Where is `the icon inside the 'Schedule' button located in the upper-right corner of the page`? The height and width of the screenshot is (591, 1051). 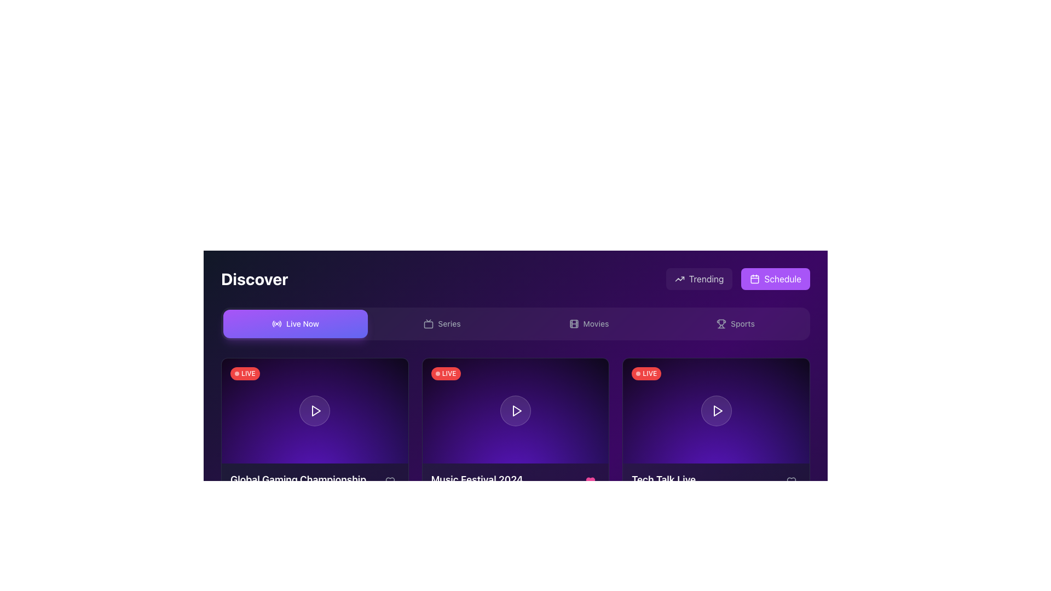 the icon inside the 'Schedule' button located in the upper-right corner of the page is located at coordinates (754, 278).